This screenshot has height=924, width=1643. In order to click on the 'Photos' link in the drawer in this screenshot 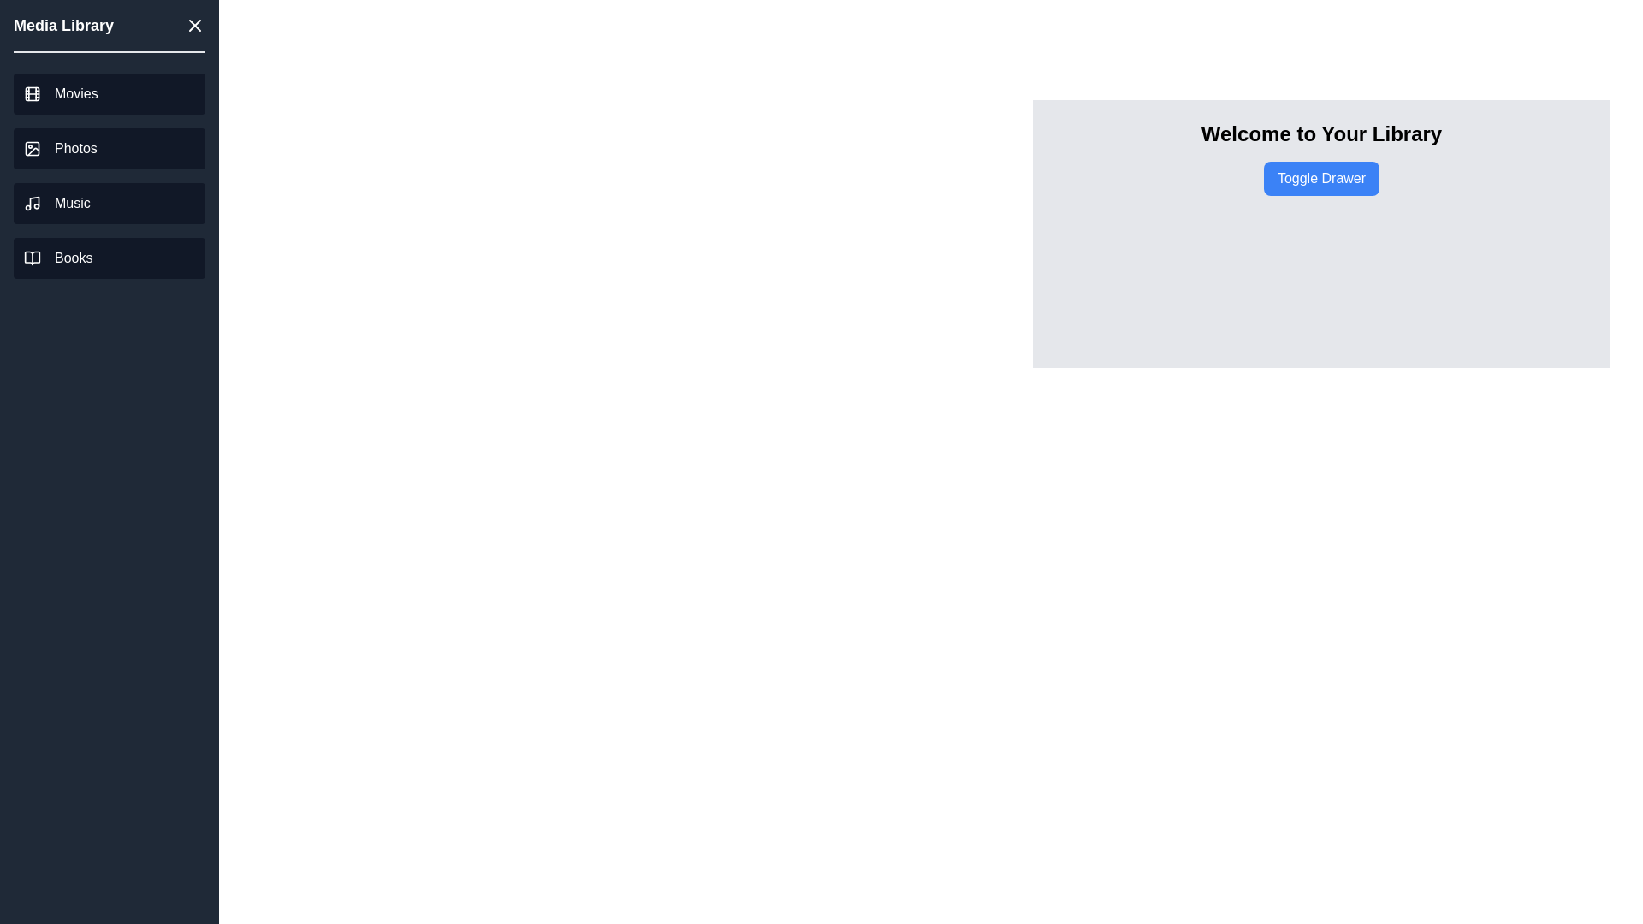, I will do `click(109, 147)`.